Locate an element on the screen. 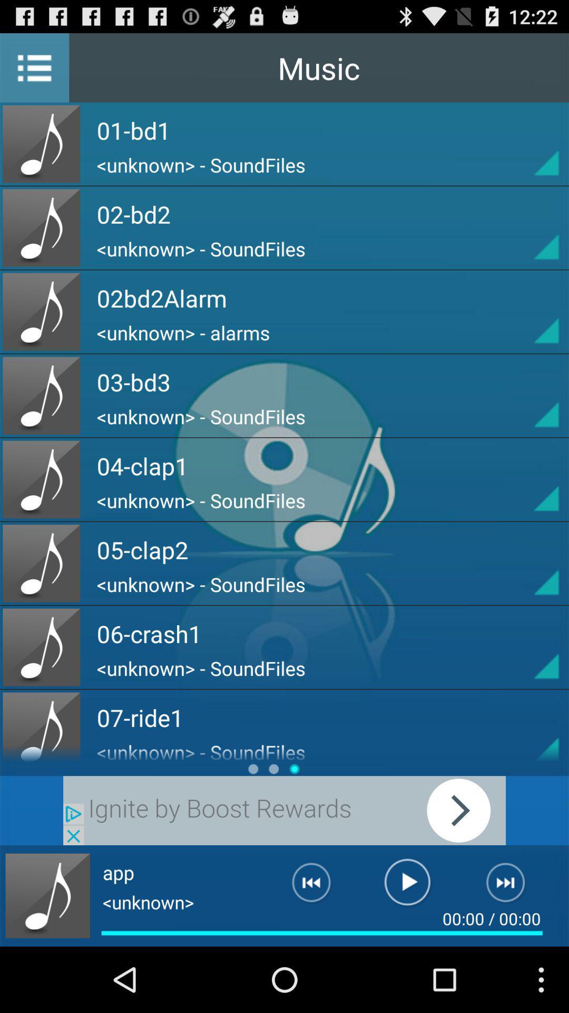 Image resolution: width=569 pixels, height=1013 pixels. music is located at coordinates (527, 479).